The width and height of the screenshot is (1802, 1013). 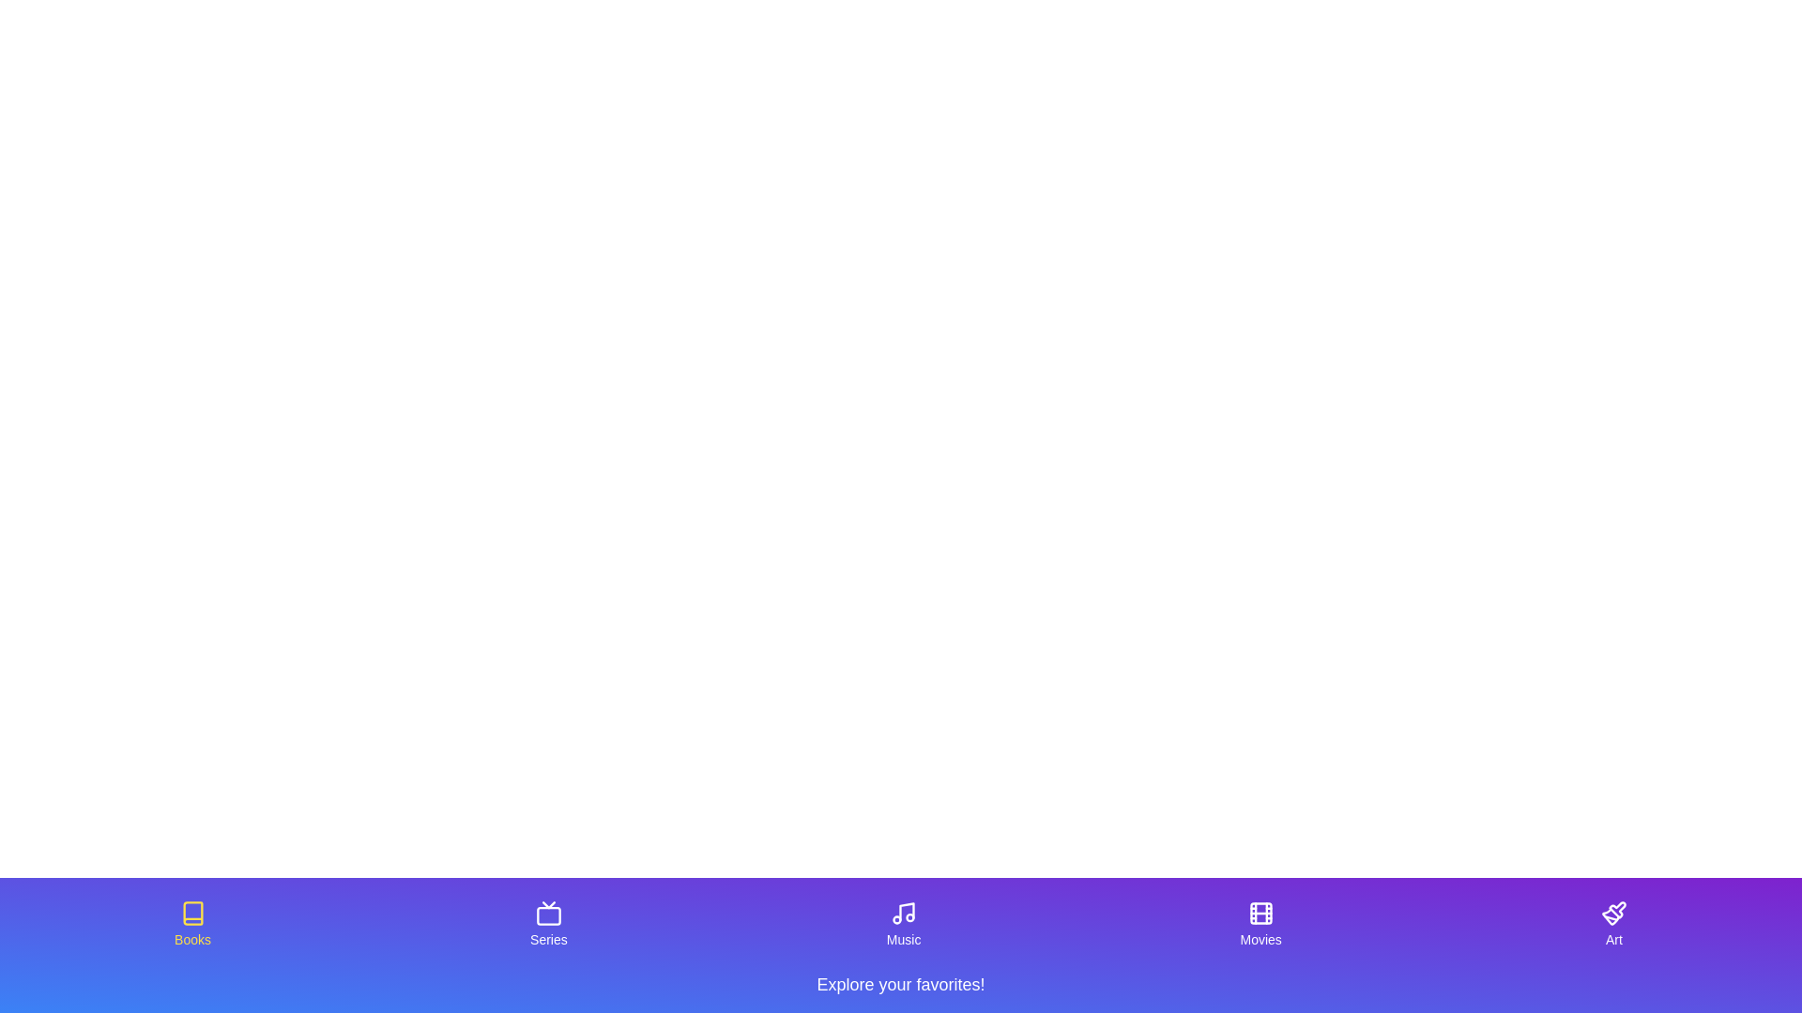 I want to click on the tab labeled 'Art' to observe its hover effect, so click(x=1612, y=924).